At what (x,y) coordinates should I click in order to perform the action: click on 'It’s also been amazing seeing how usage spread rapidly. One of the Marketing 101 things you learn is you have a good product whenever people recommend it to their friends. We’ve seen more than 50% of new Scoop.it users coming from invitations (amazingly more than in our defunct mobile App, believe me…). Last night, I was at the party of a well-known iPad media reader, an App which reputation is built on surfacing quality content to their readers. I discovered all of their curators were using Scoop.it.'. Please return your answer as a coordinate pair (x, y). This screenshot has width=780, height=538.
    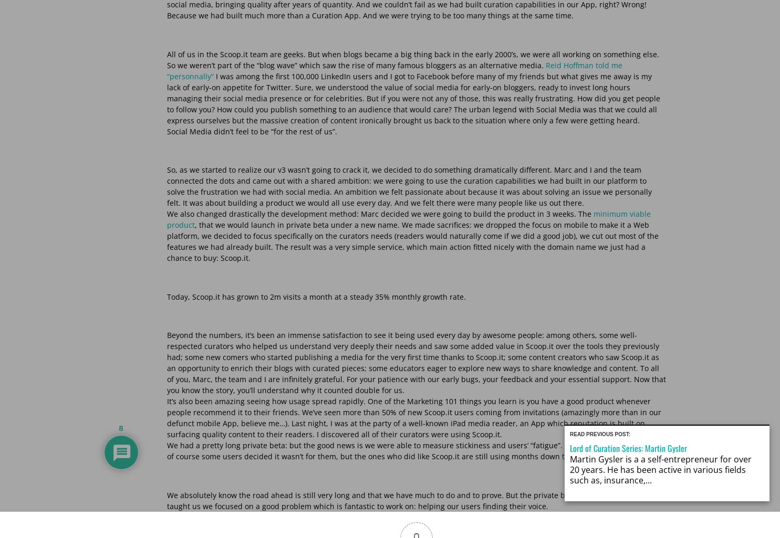
    Looking at the image, I should click on (413, 417).